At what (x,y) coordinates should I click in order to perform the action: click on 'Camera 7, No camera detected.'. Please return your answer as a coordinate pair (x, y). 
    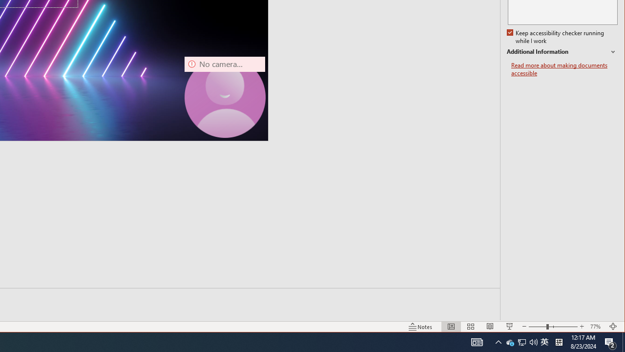
    Looking at the image, I should click on (224, 97).